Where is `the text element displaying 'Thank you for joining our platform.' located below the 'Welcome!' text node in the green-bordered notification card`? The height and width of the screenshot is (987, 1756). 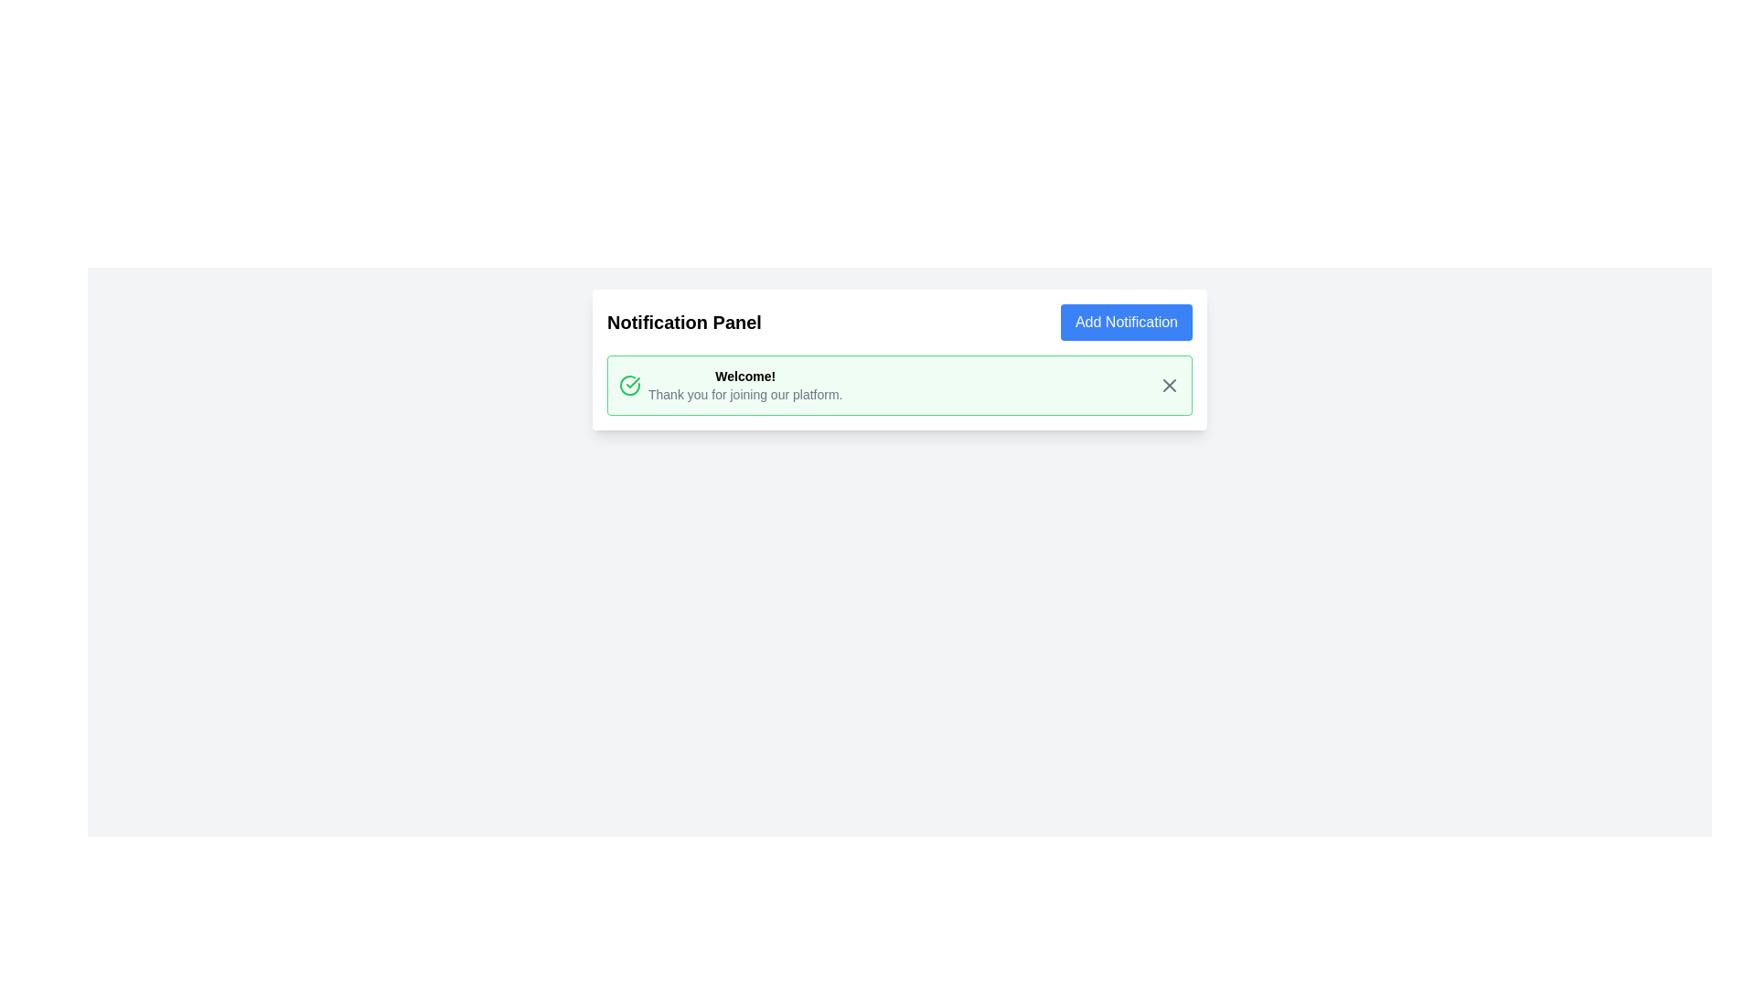
the text element displaying 'Thank you for joining our platform.' located below the 'Welcome!' text node in the green-bordered notification card is located at coordinates (745, 394).